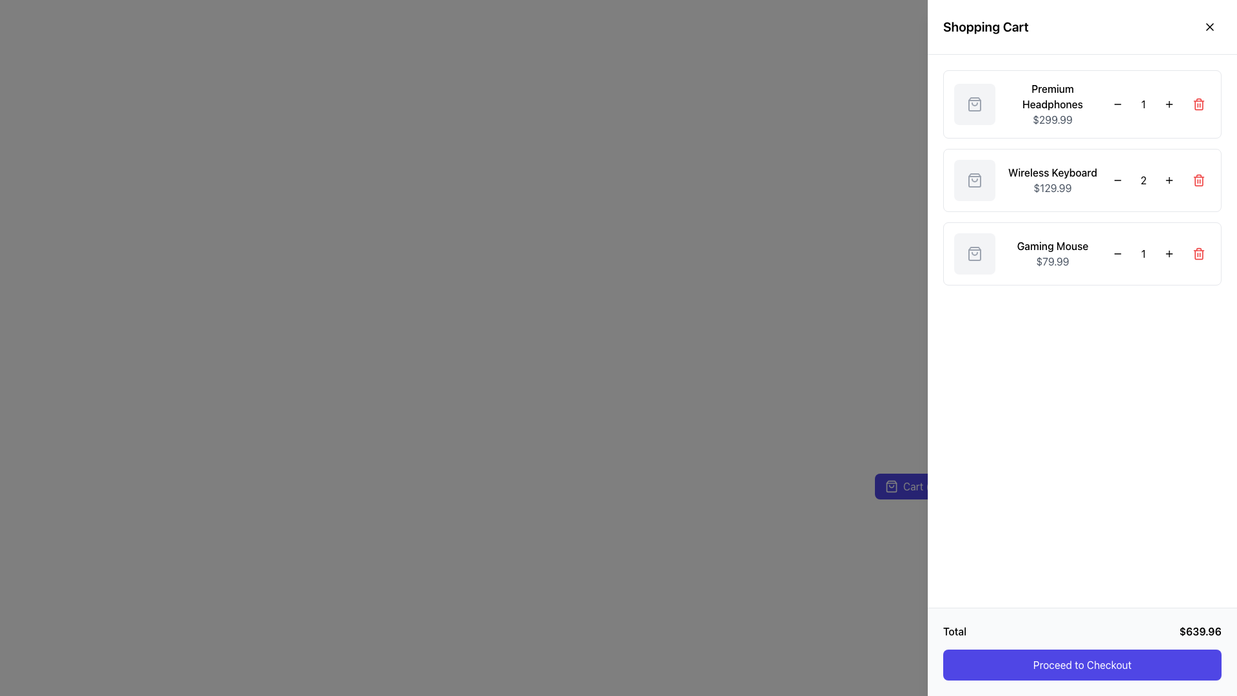 Image resolution: width=1237 pixels, height=696 pixels. I want to click on the checkout button located at the bottom of the checkout panel, which is positioned below the total amount display of '$639.96', to change its appearance, so click(1082, 665).